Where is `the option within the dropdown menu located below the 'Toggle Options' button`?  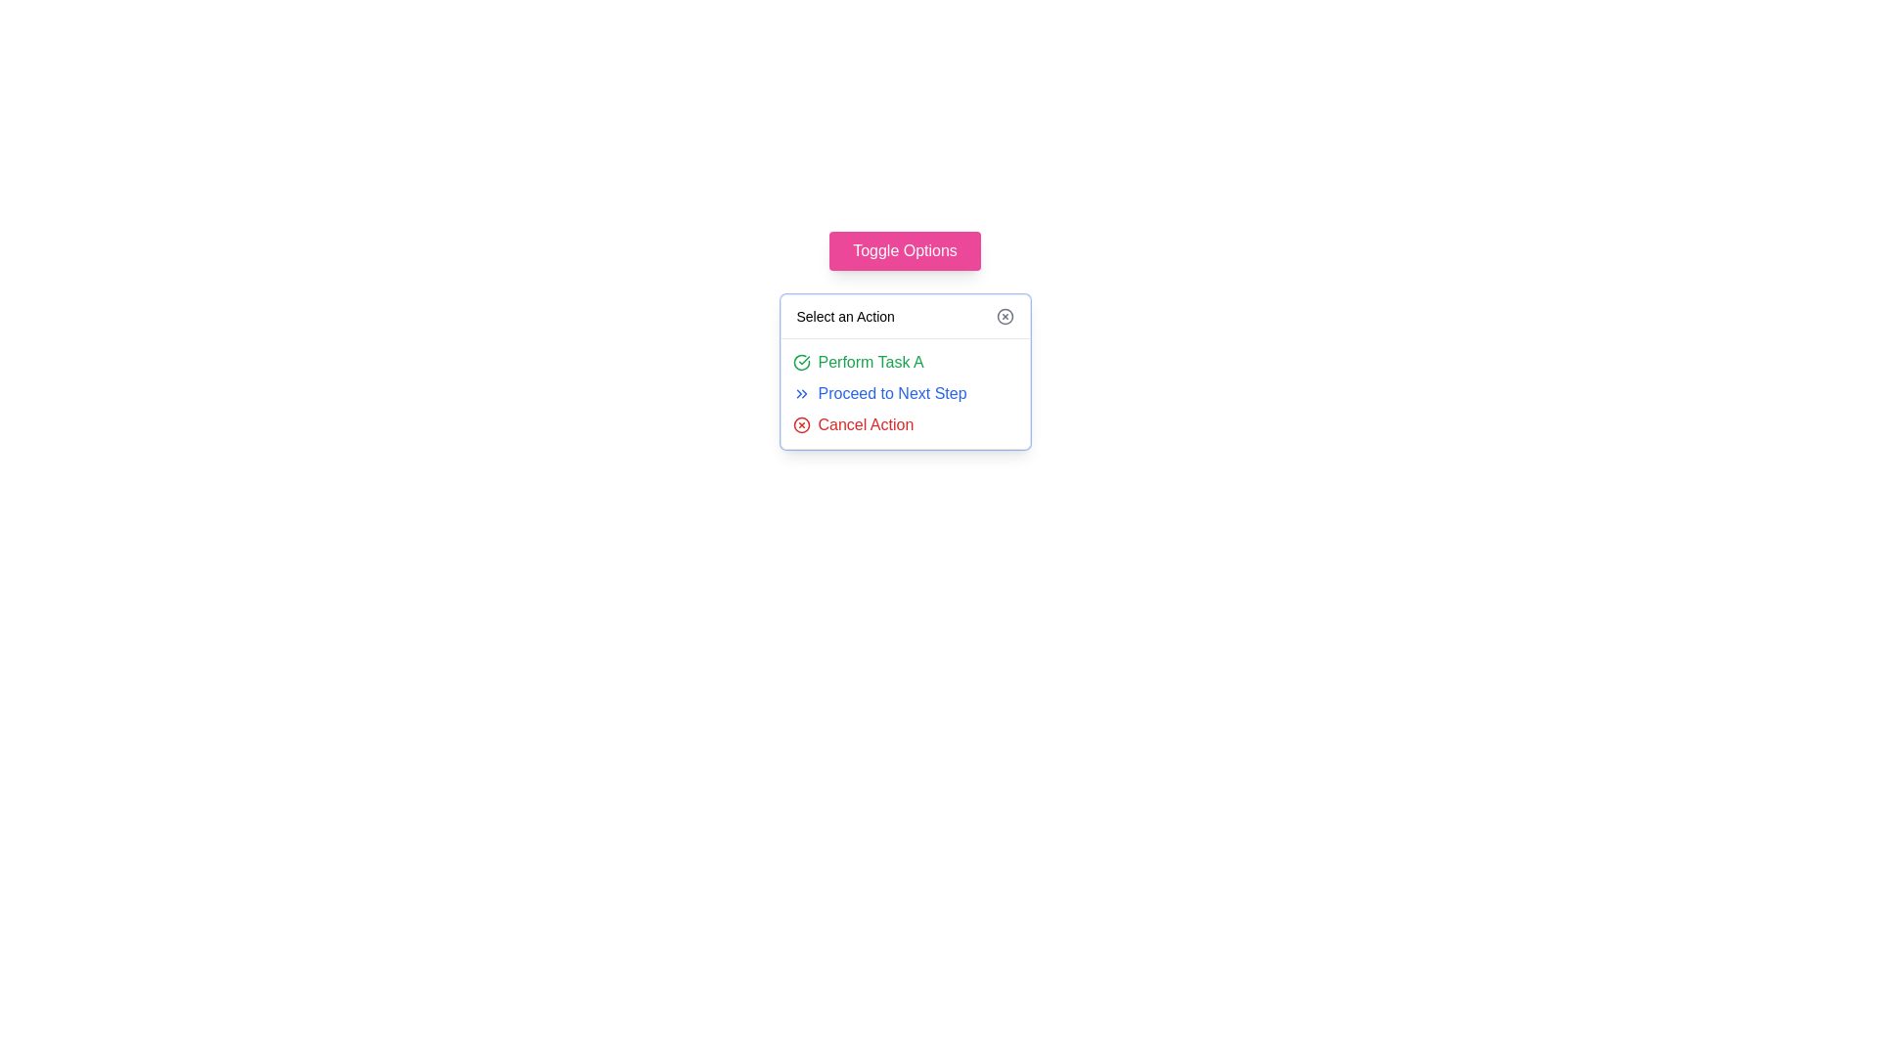
the option within the dropdown menu located below the 'Toggle Options' button is located at coordinates (904, 372).